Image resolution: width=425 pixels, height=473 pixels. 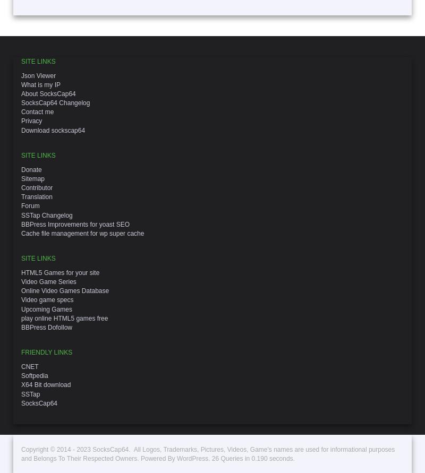 What do you see at coordinates (37, 111) in the screenshot?
I see `'Contact me'` at bounding box center [37, 111].